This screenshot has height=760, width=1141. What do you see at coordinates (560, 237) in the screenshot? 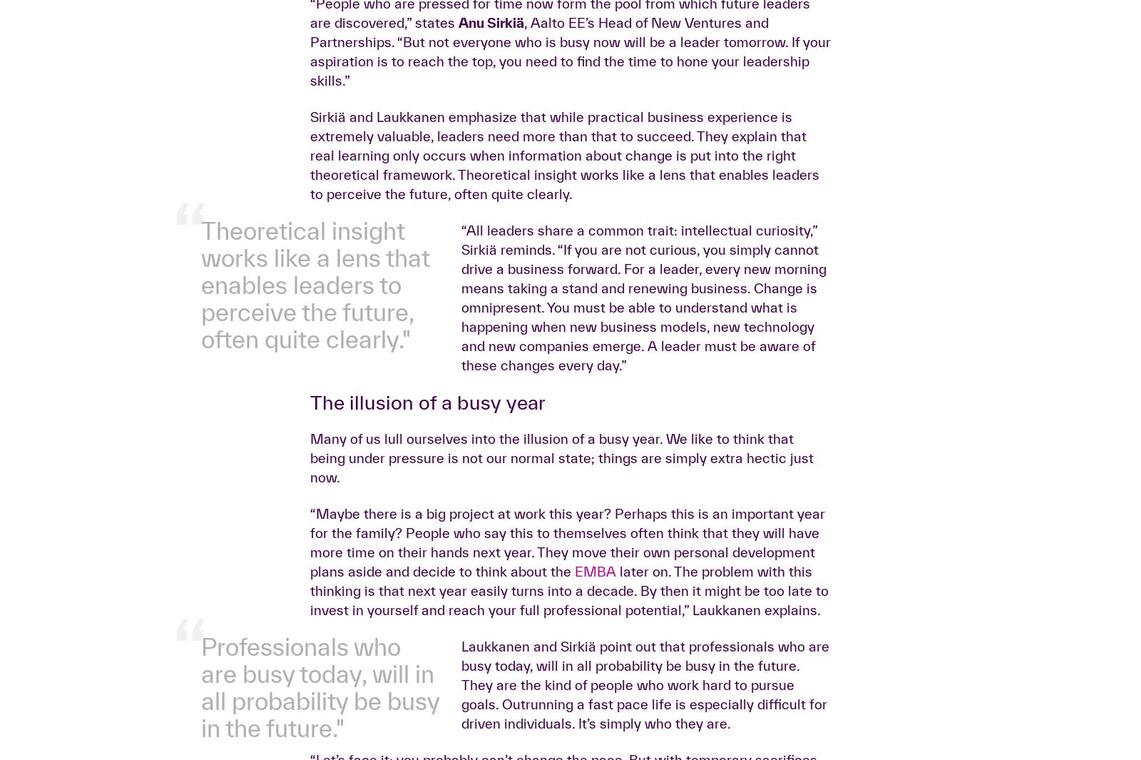
I see `'“People who are pressed for time now form the pool from which future leaders are discovered,” states'` at bounding box center [560, 237].